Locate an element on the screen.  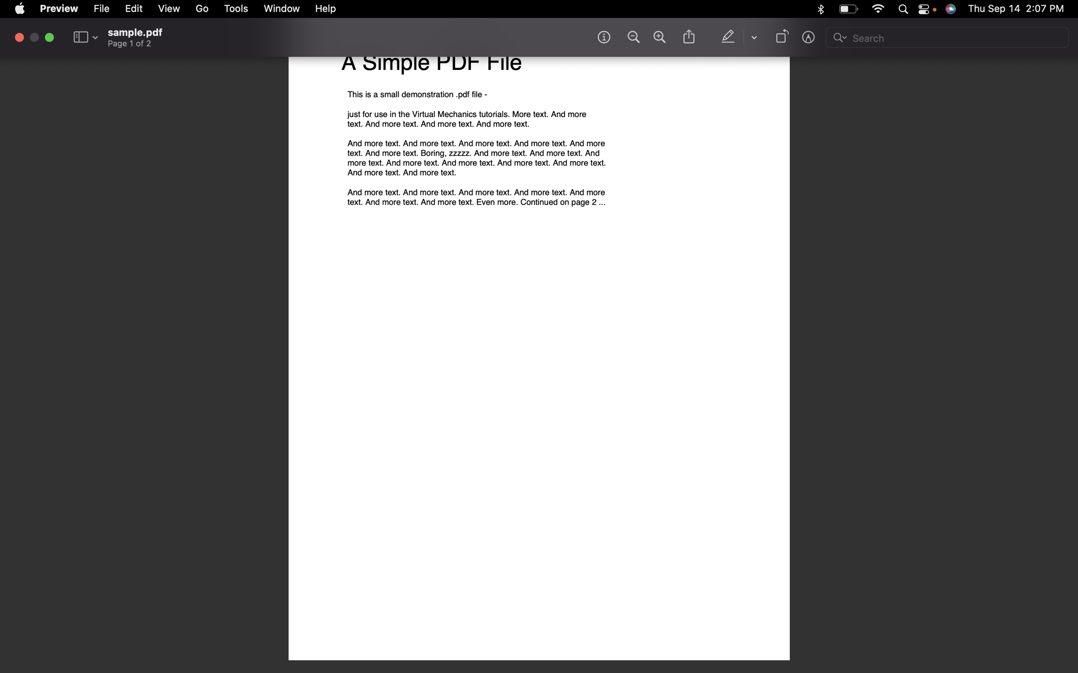
Leave the fullscreen view is located at coordinates (49, 37).